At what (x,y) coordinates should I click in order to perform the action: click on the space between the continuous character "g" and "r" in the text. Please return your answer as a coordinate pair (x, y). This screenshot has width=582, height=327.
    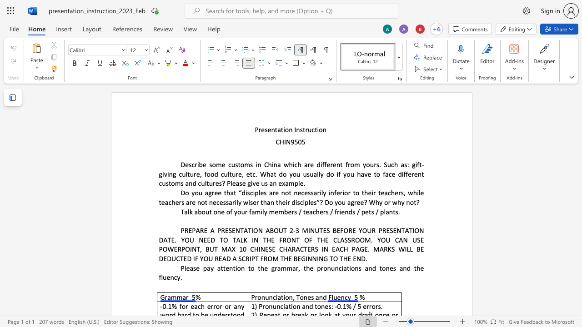
    Looking at the image, I should click on (274, 268).